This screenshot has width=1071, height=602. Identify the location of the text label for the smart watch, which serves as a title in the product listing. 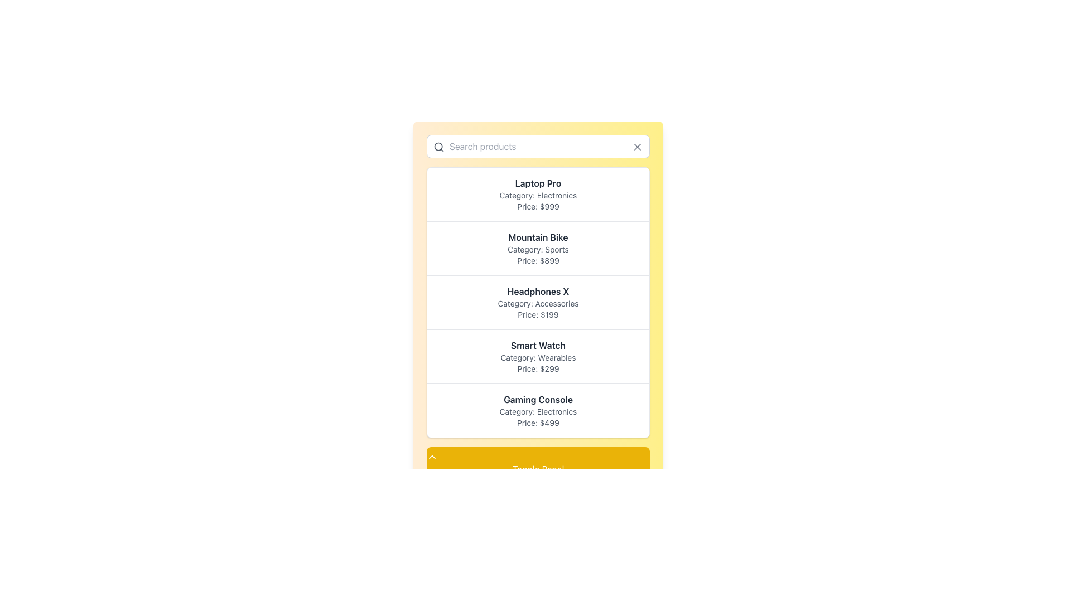
(538, 345).